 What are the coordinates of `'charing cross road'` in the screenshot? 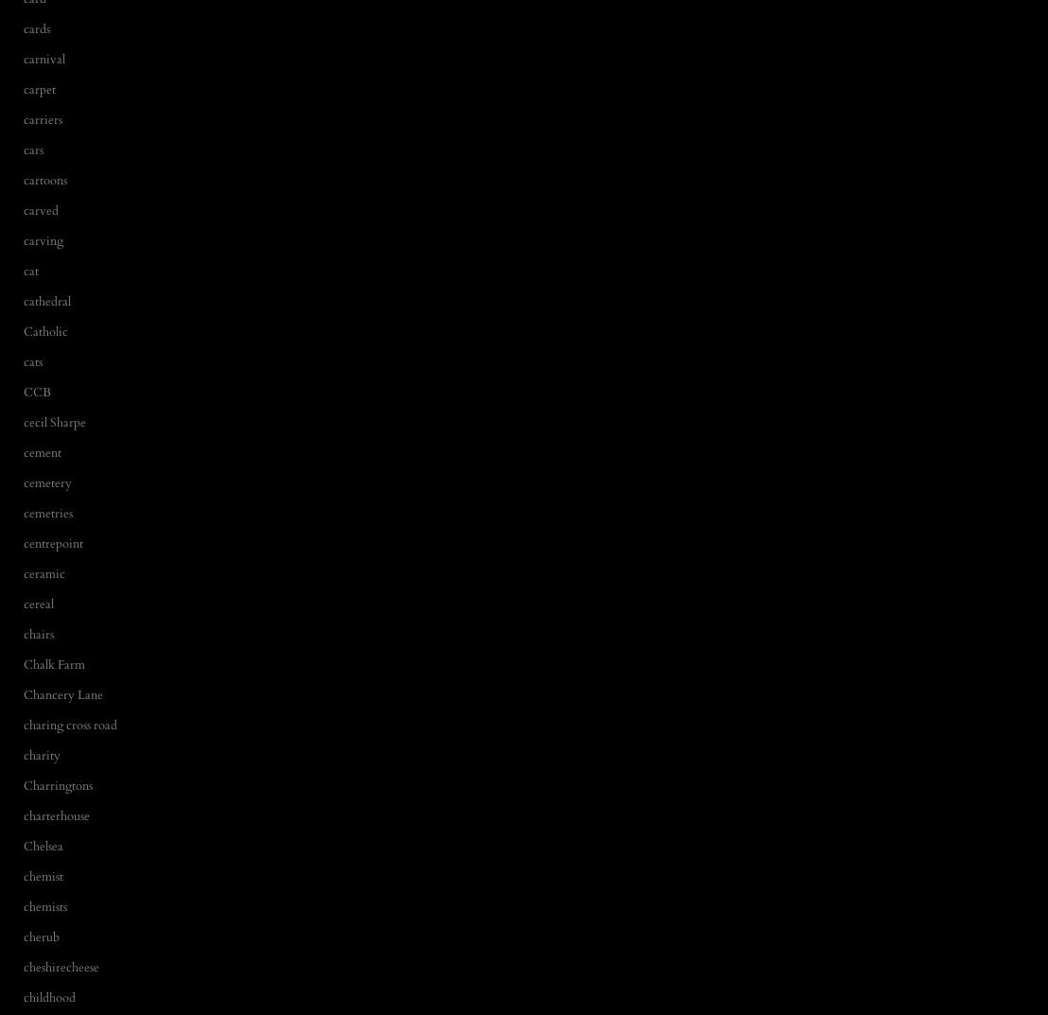 It's located at (24, 724).